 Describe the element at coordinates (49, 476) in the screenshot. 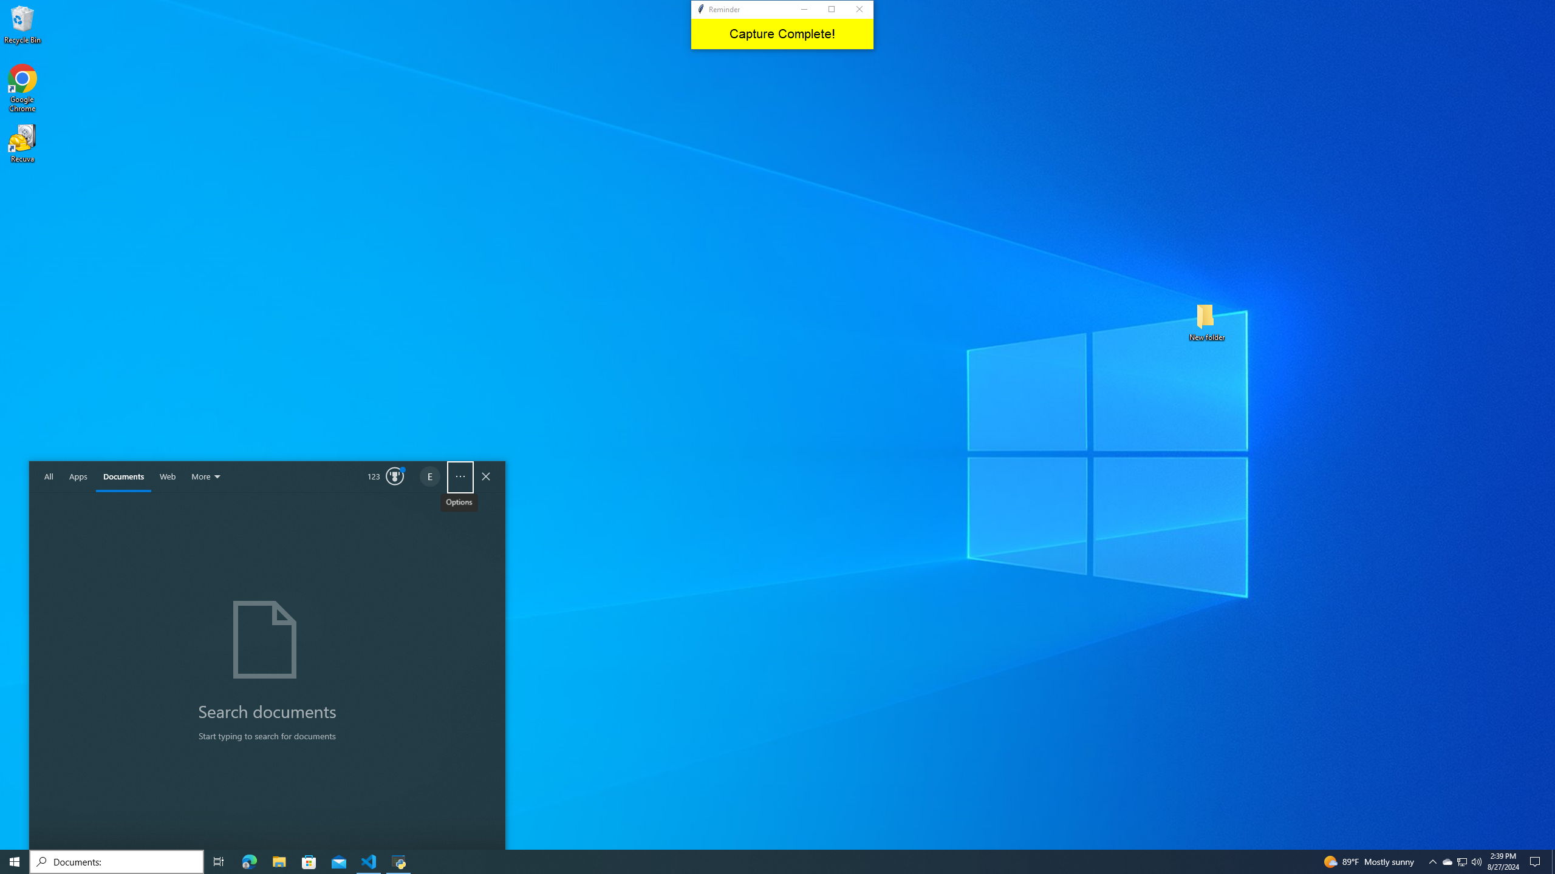

I see `'All'` at that location.